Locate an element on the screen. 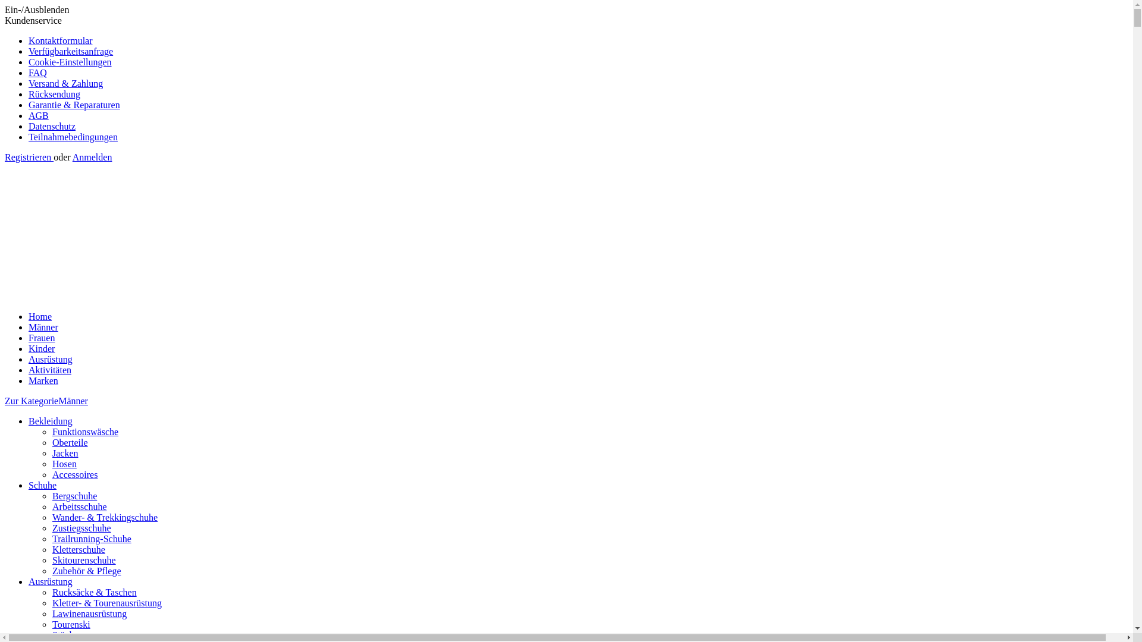  'Frauen' is located at coordinates (42, 338).